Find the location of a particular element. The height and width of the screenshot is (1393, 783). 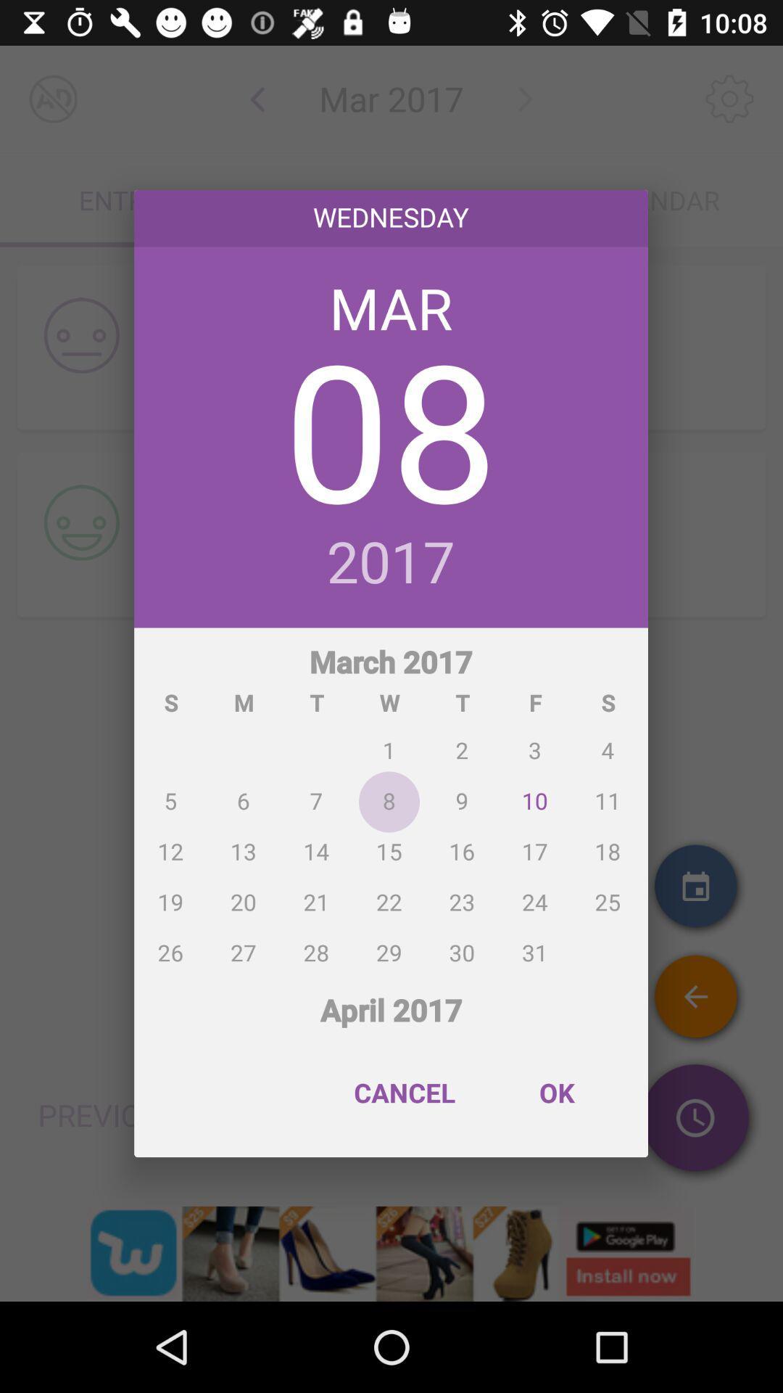

ok item is located at coordinates (555, 1093).